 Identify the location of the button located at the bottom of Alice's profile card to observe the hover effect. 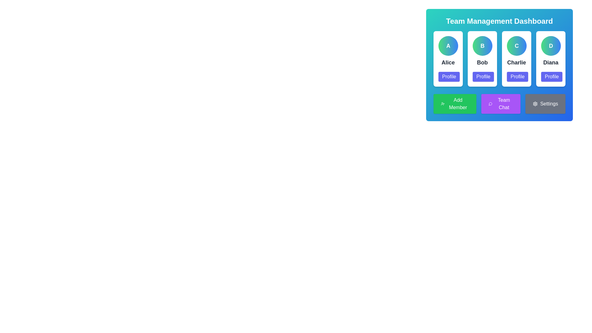
(449, 76).